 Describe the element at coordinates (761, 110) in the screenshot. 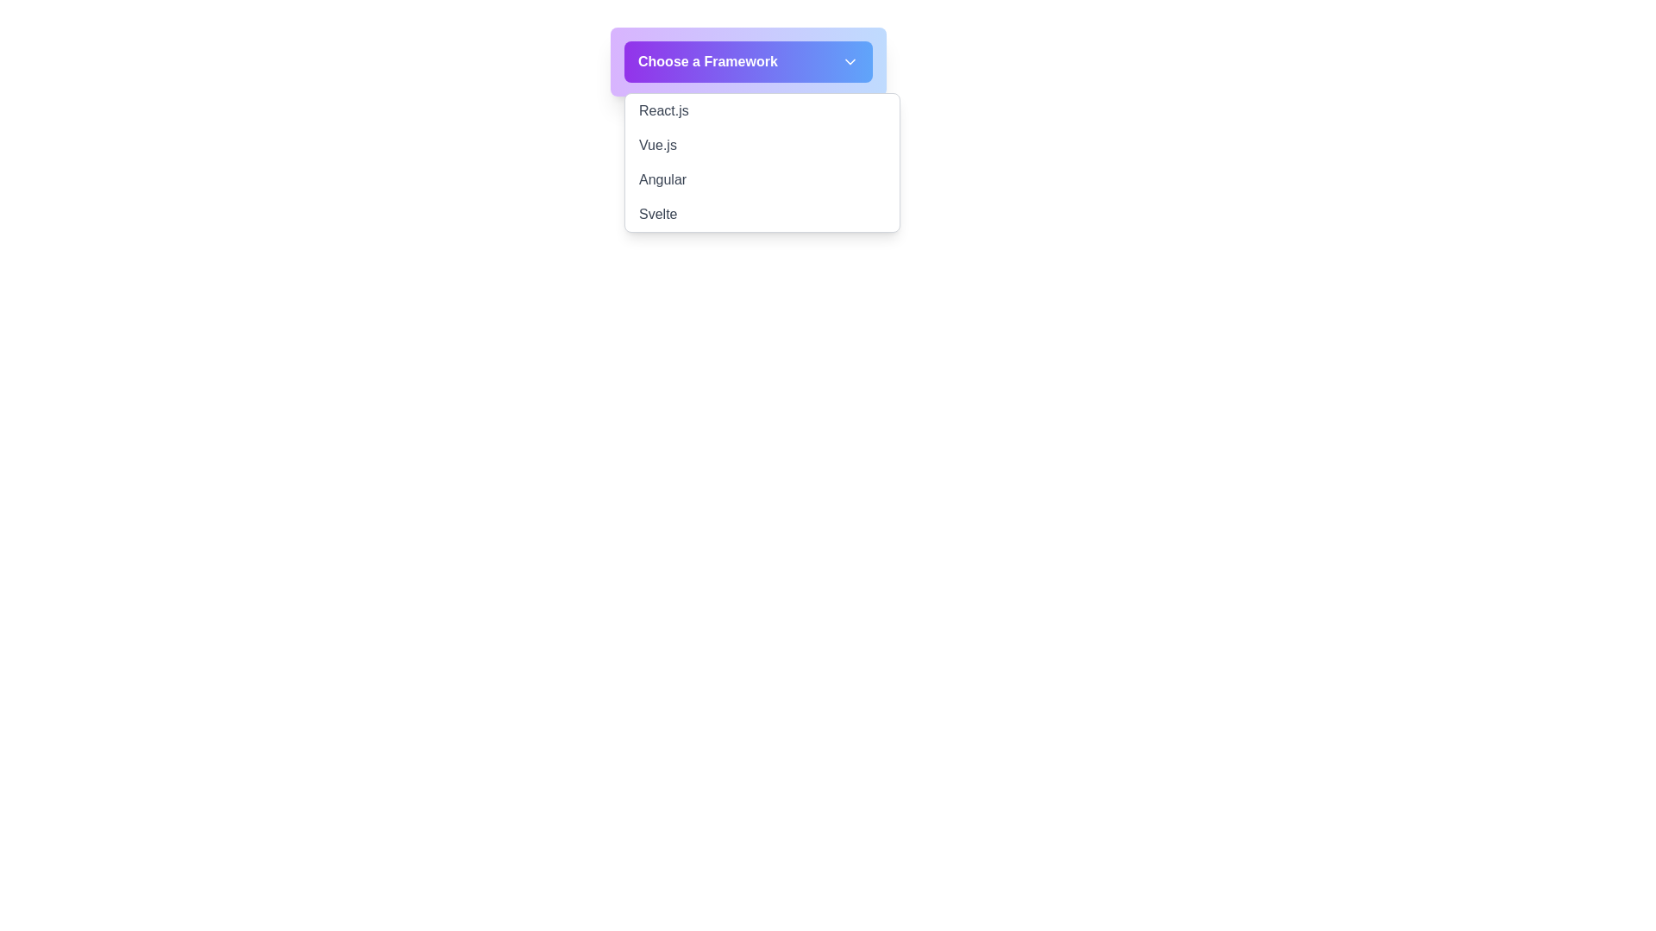

I see `the first item in the dropdown list` at that location.